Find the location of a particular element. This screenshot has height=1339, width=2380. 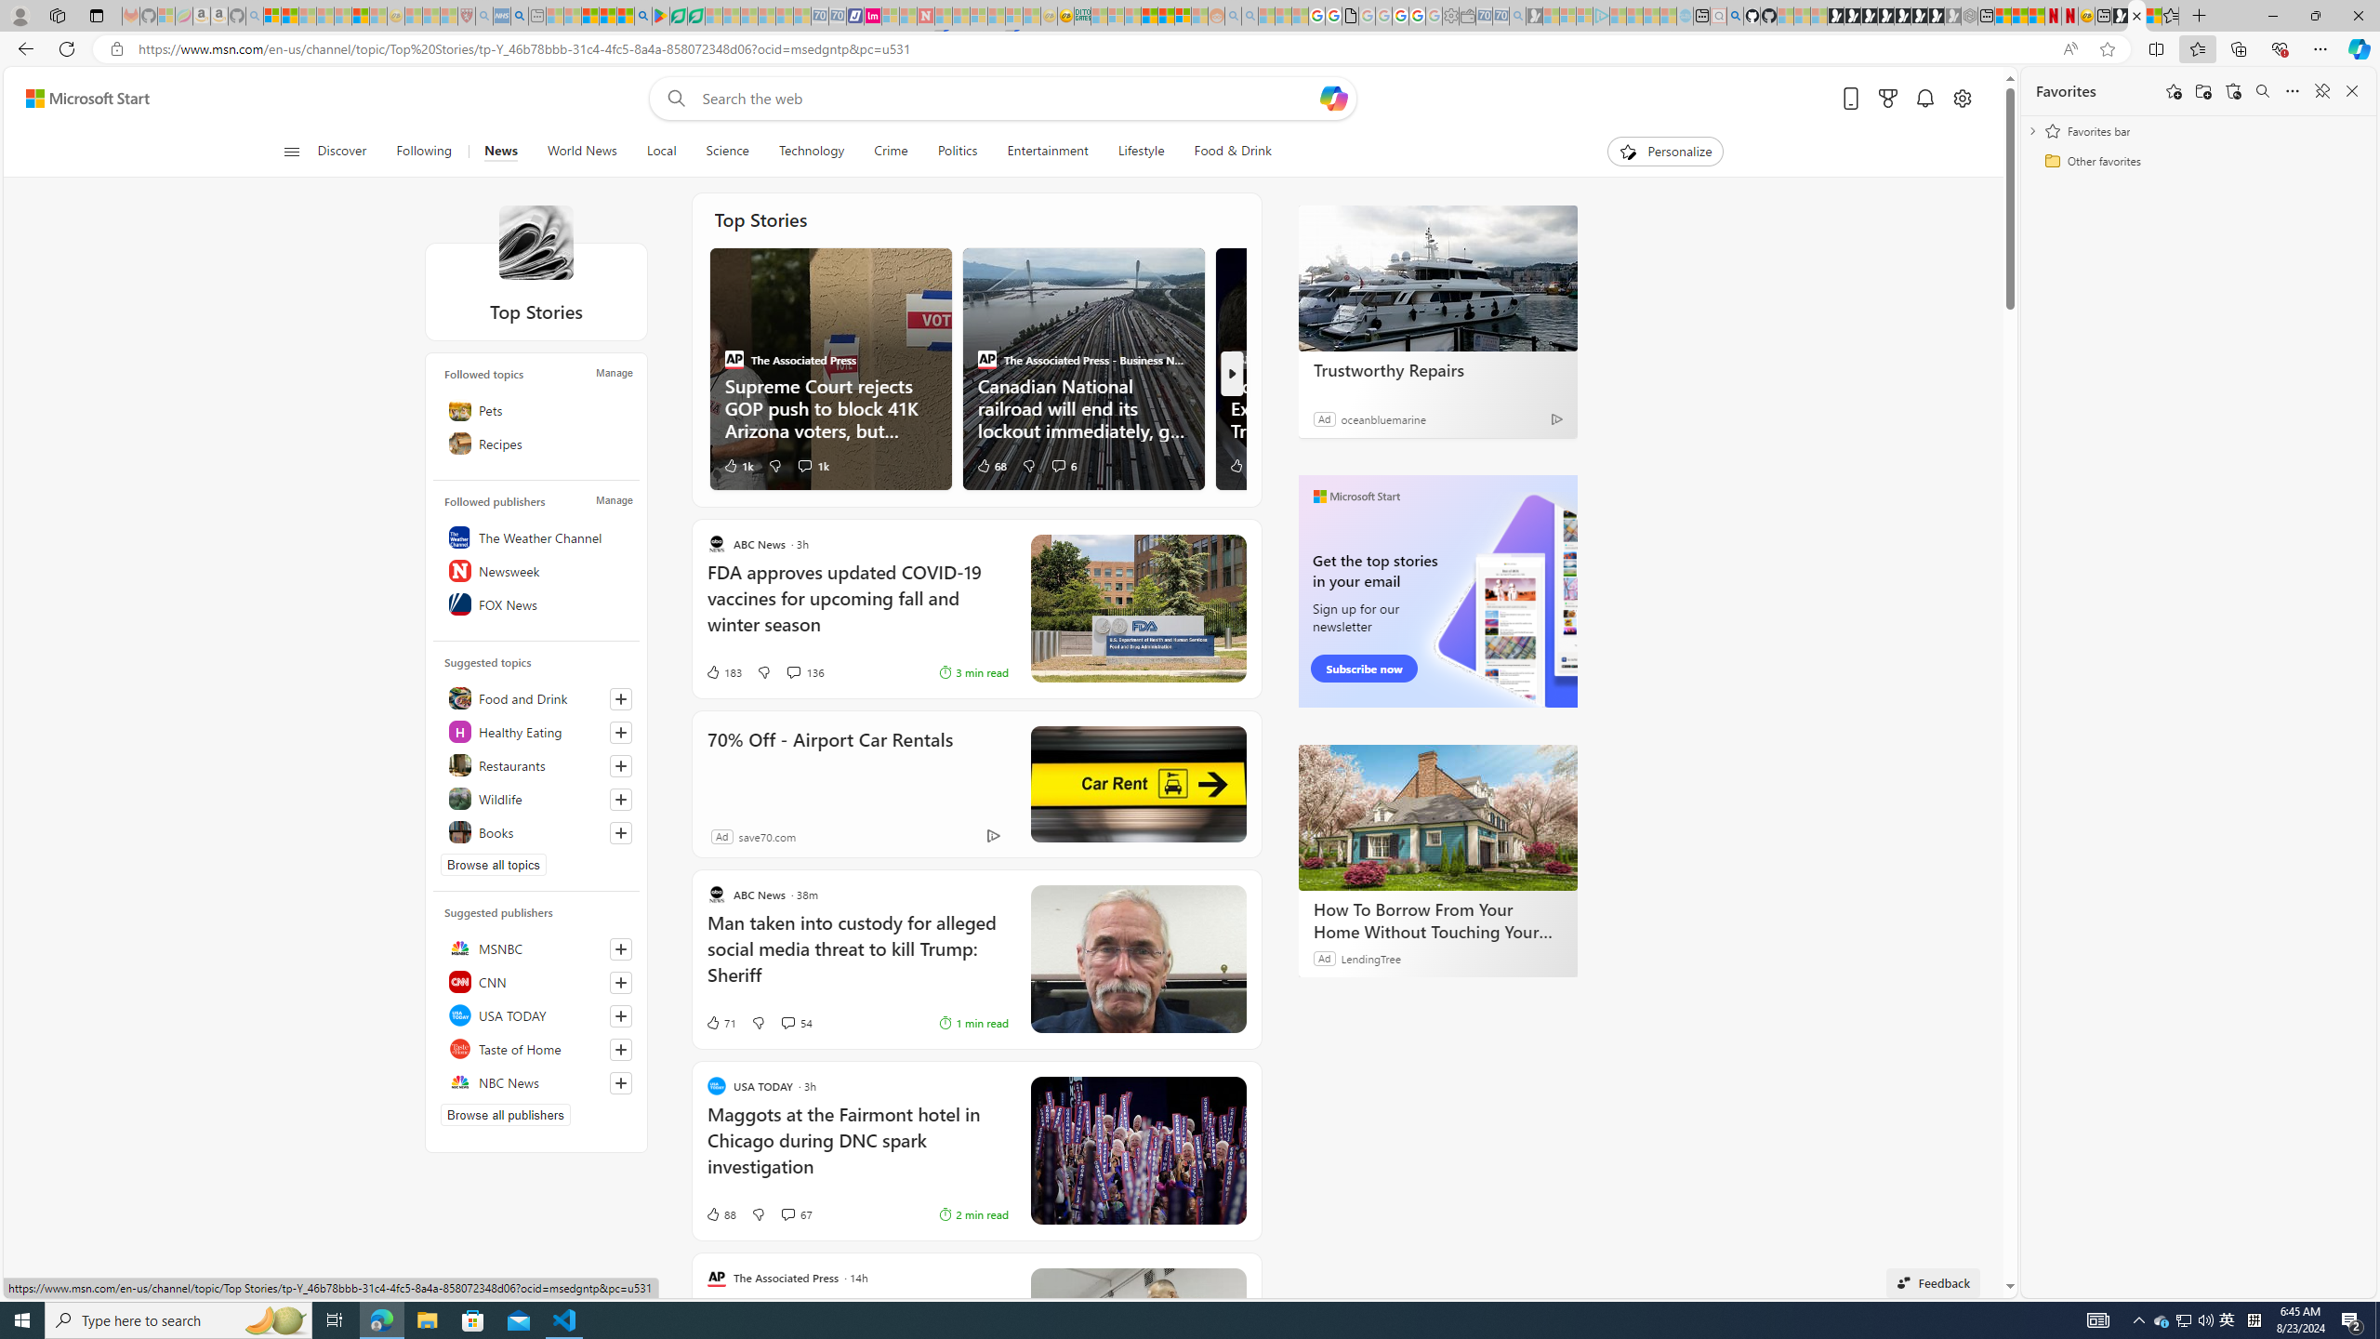

'Add folder' is located at coordinates (2201, 89).